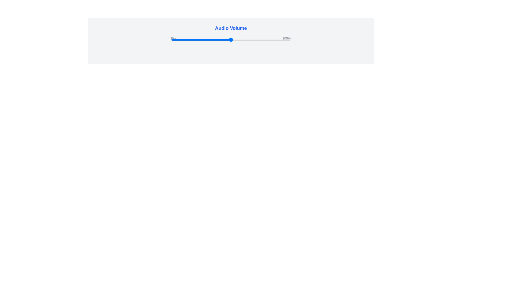 The height and width of the screenshot is (288, 512). I want to click on the volume, so click(276, 39).